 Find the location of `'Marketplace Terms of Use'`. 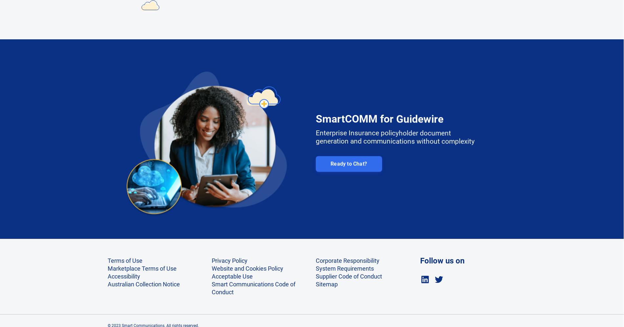

'Marketplace Terms of Use' is located at coordinates (141, 268).